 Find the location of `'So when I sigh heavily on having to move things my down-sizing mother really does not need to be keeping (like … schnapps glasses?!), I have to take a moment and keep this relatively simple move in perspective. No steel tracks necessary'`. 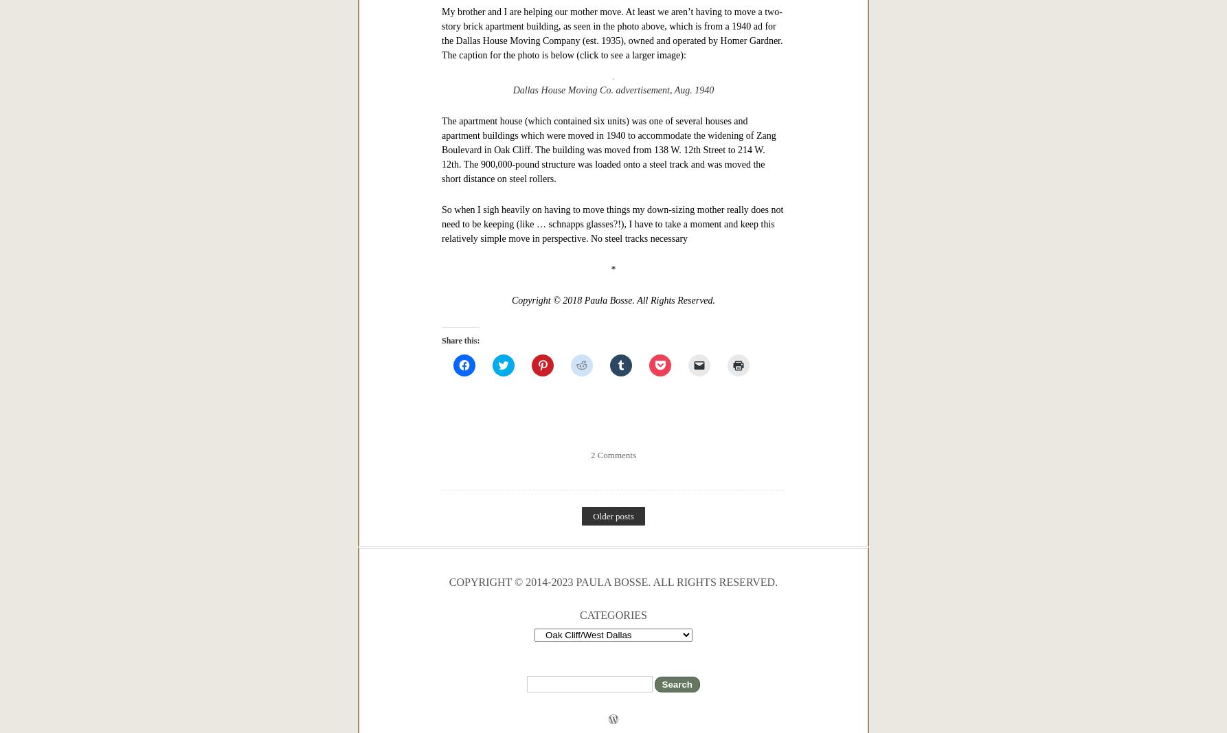

'So when I sigh heavily on having to move things my down-sizing mother really does not need to be keeping (like … schnapps glasses?!), I have to take a moment and keep this relatively simple move in perspective. No steel tracks necessary' is located at coordinates (611, 655).